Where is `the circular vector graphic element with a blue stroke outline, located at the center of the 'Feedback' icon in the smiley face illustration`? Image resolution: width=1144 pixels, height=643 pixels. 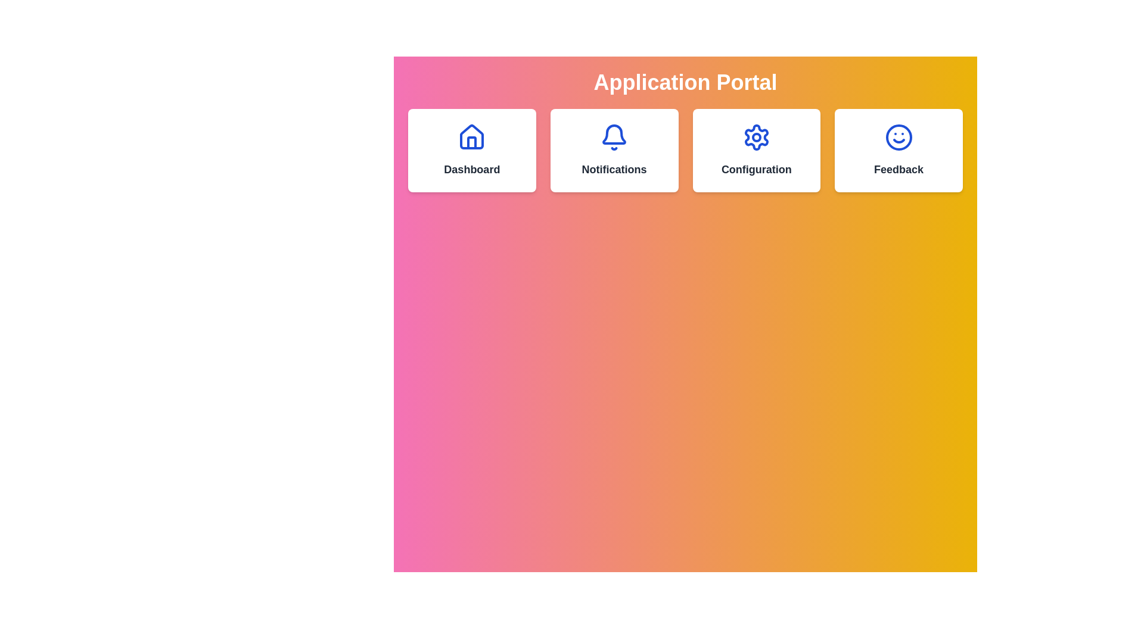
the circular vector graphic element with a blue stroke outline, located at the center of the 'Feedback' icon in the smiley face illustration is located at coordinates (899, 137).